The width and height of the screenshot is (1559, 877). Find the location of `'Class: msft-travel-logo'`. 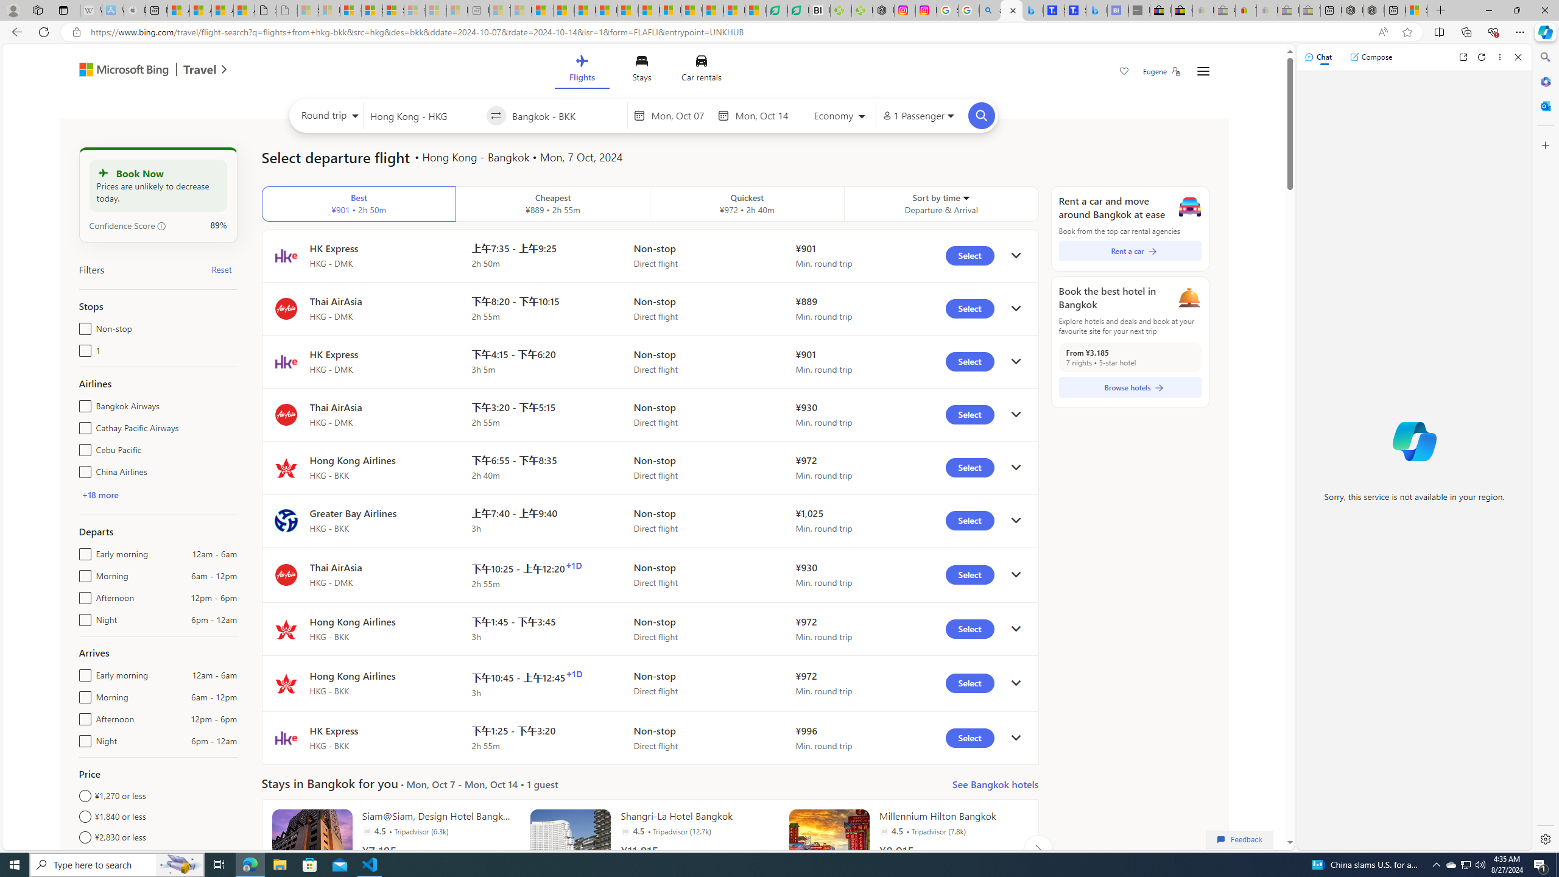

'Class: msft-travel-logo' is located at coordinates (199, 69).